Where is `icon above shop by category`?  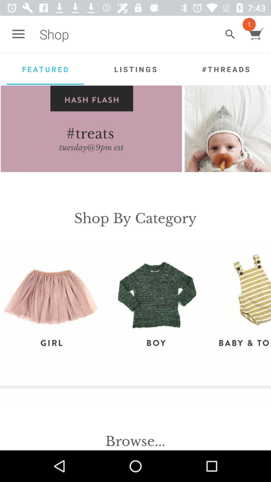
icon above shop by category is located at coordinates (91, 129).